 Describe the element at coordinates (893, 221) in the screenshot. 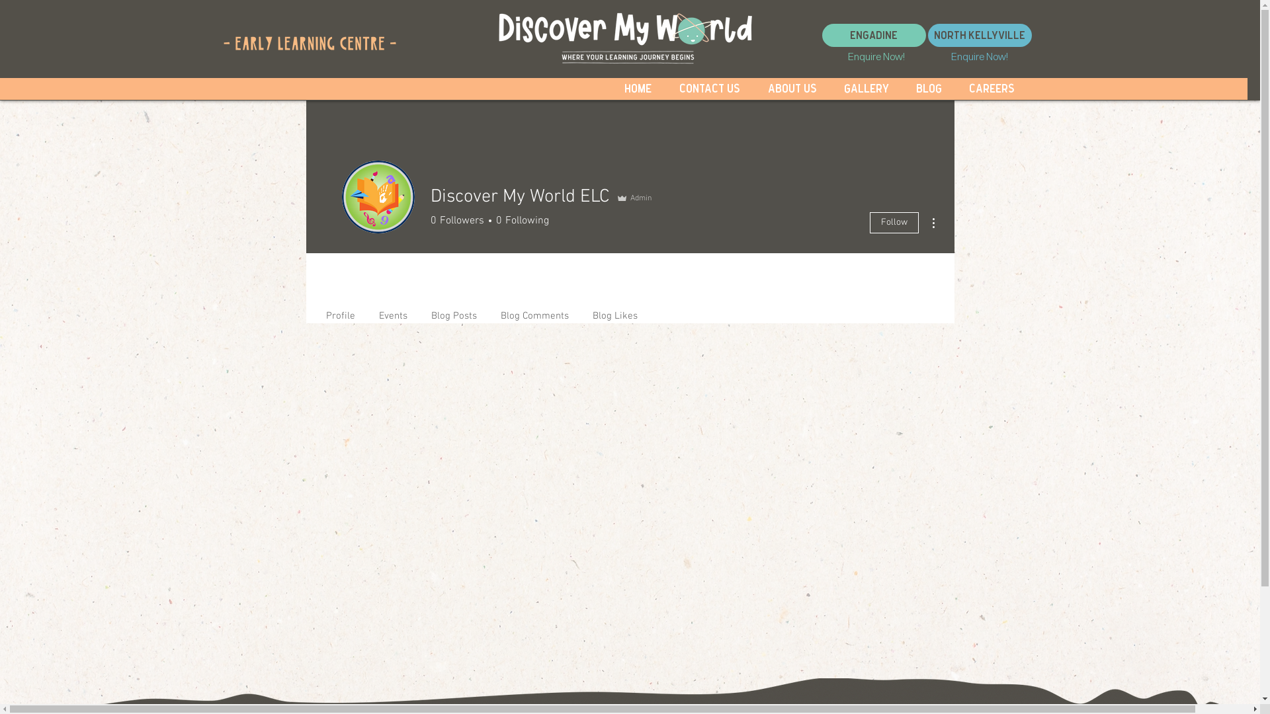

I see `'Follow'` at that location.